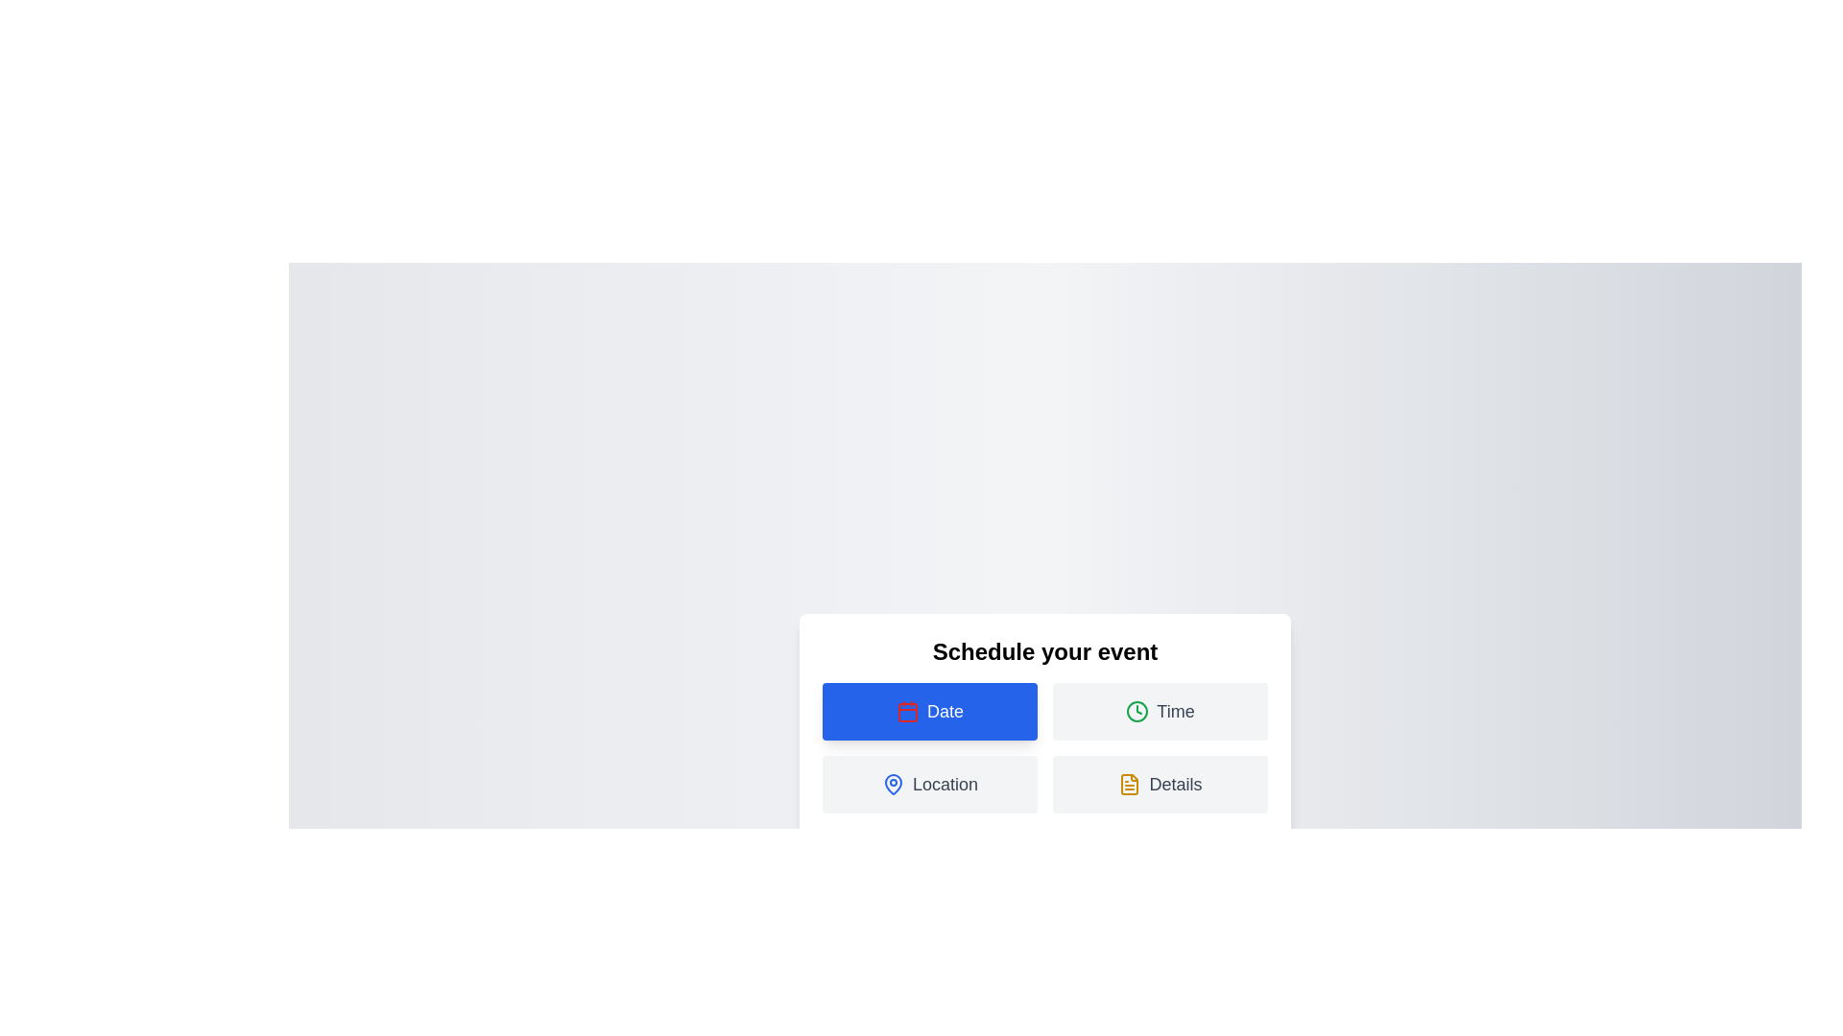  I want to click on the button labeled 'Time' that contains the clock icon in the 'Schedule your event' interface, so click(1137, 711).